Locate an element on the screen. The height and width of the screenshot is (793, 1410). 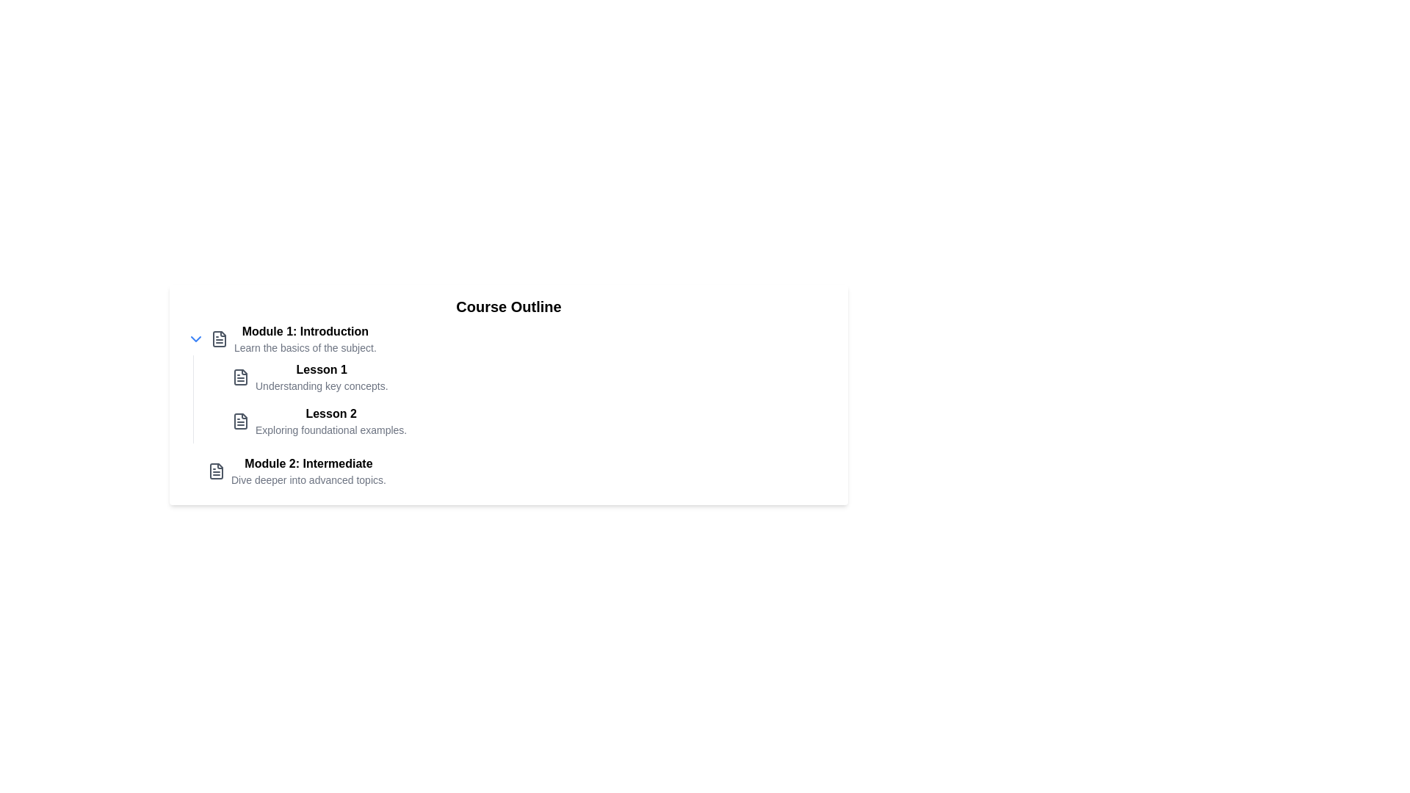
the textual subheading element displaying 'Understanding key concepts.' which is positioned below 'Lesson 1' in the 'Module 1: Introduction' section is located at coordinates (321, 385).